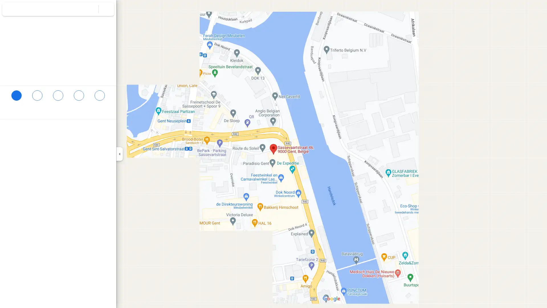 The image size is (547, 308). What do you see at coordinates (90, 9) in the screenshot?
I see `Zoeken` at bounding box center [90, 9].